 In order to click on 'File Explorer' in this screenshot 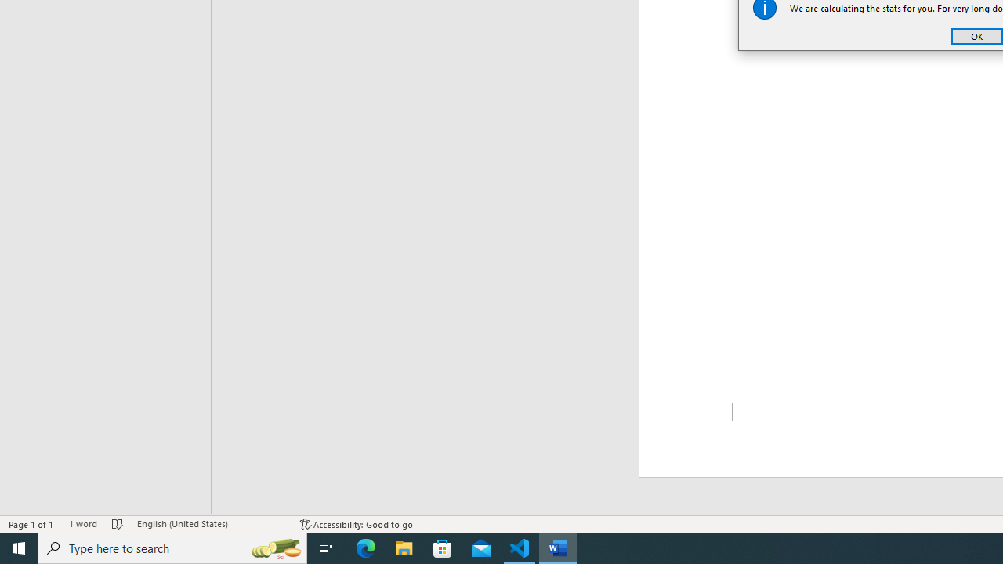, I will do `click(404, 547)`.